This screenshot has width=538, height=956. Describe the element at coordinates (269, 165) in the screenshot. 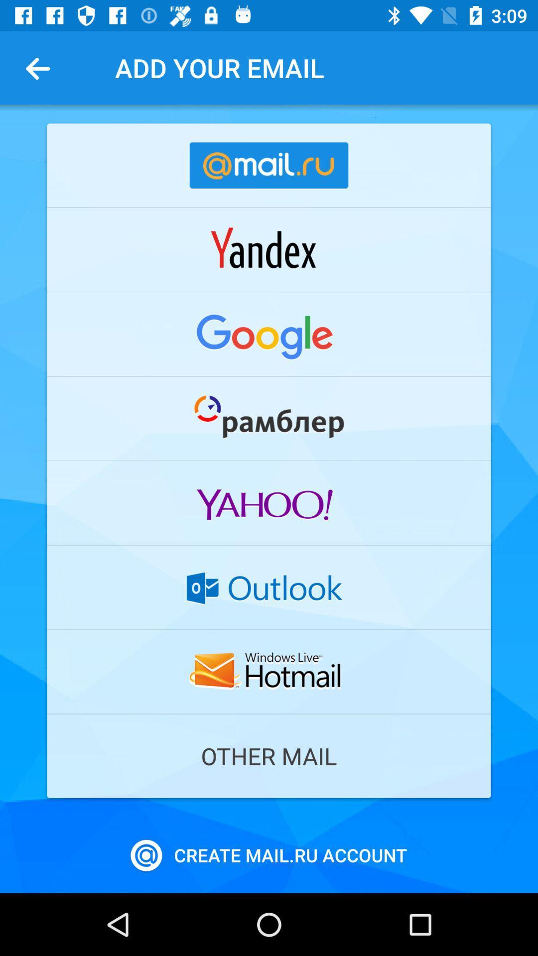

I see `mail.ru as e-mail provider` at that location.